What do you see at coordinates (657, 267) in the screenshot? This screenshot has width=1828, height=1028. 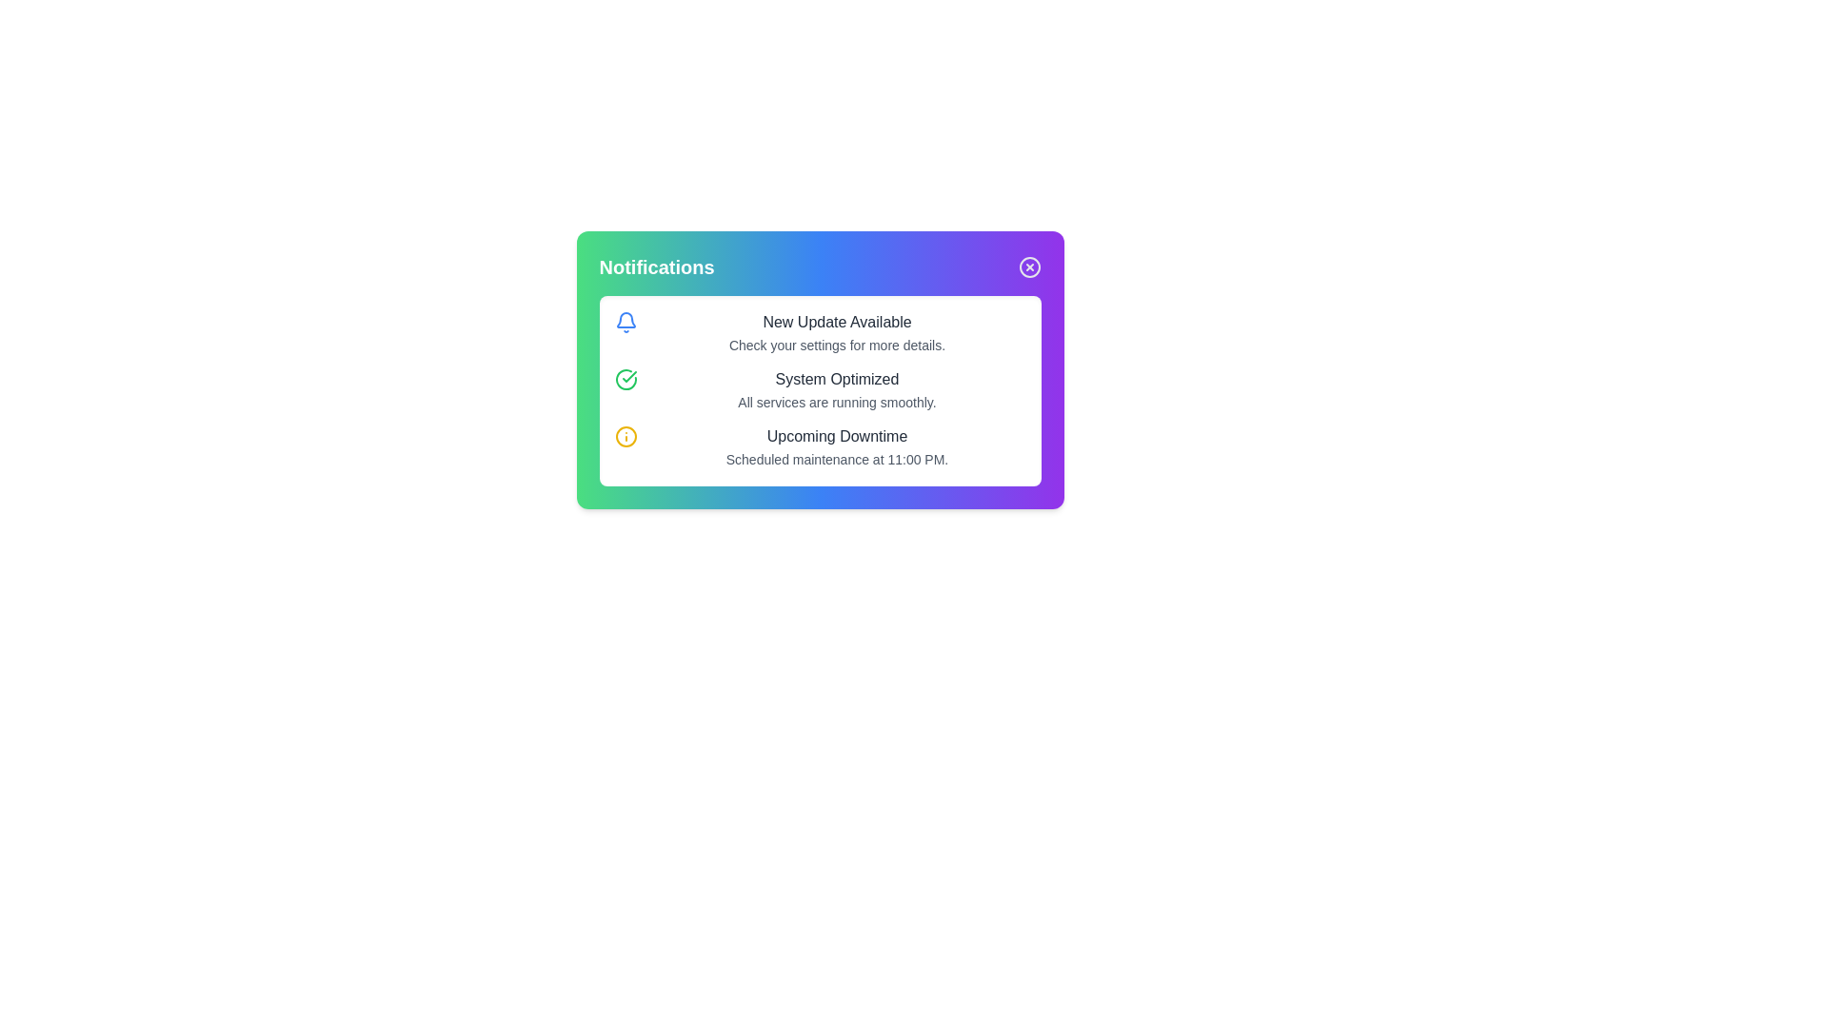 I see `the 'Notifications' static text element, which is a prominently displayed label in white color on a gradient background at the top-left section of the interface` at bounding box center [657, 267].